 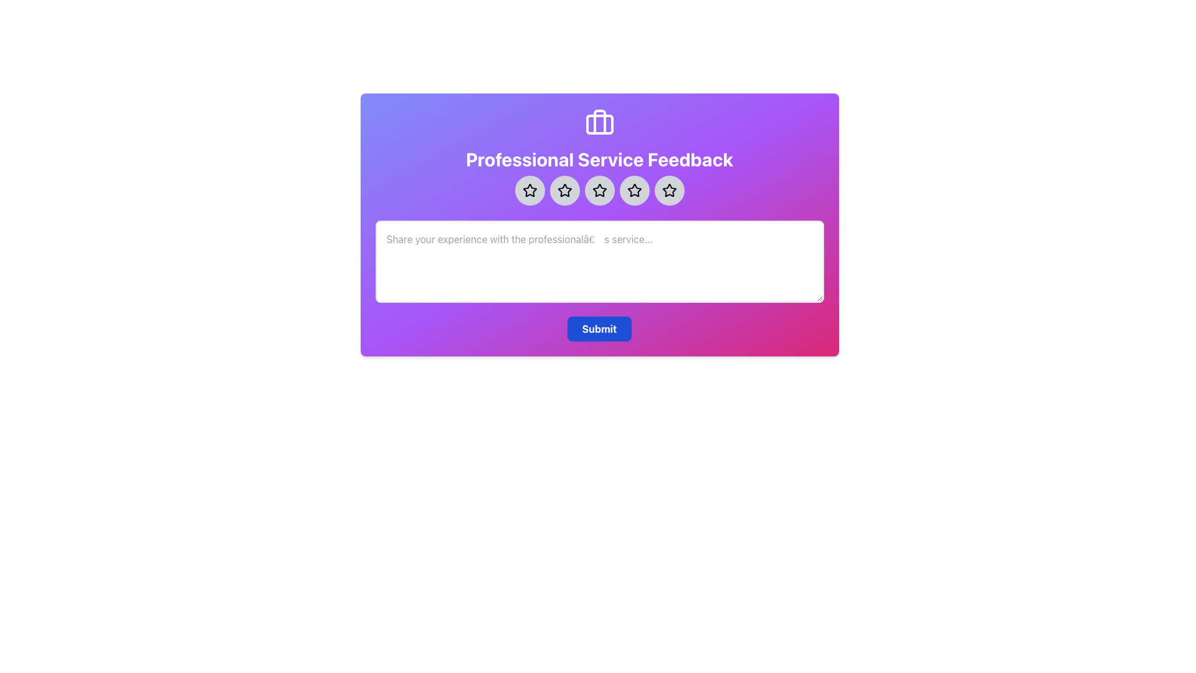 What do you see at coordinates (599, 190) in the screenshot?
I see `the third star button in the row of five circular buttons under the 'Professional Service Feedback' header` at bounding box center [599, 190].